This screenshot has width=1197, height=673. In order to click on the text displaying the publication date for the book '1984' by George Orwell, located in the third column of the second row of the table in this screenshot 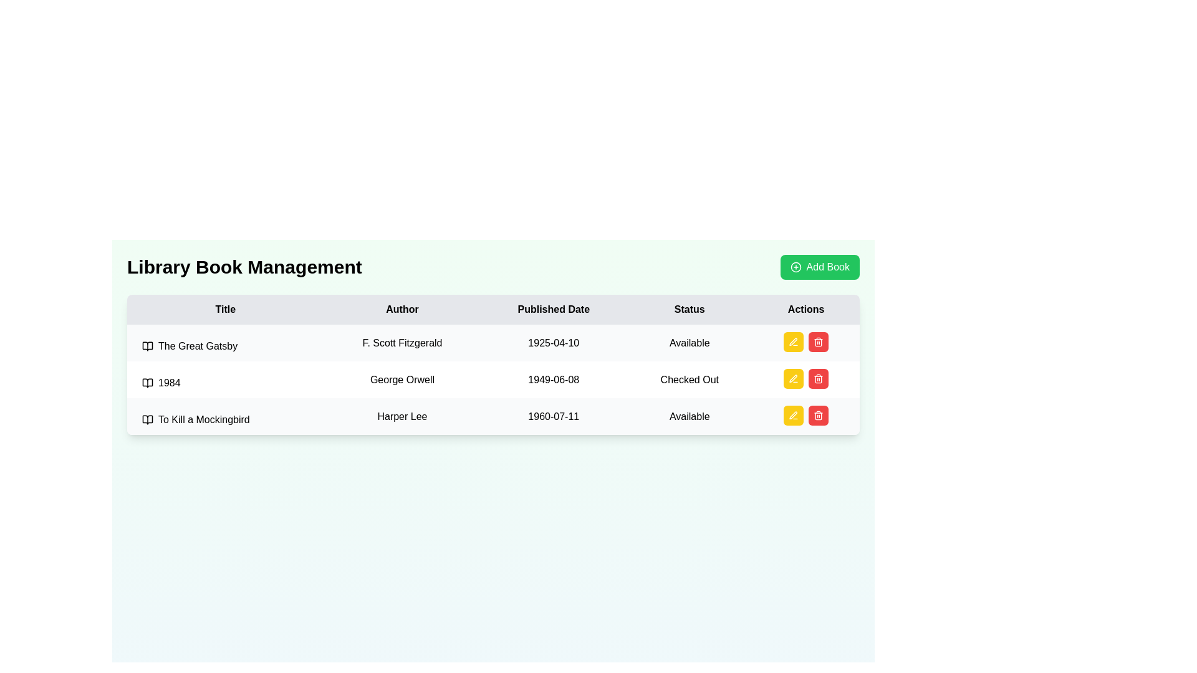, I will do `click(553, 379)`.